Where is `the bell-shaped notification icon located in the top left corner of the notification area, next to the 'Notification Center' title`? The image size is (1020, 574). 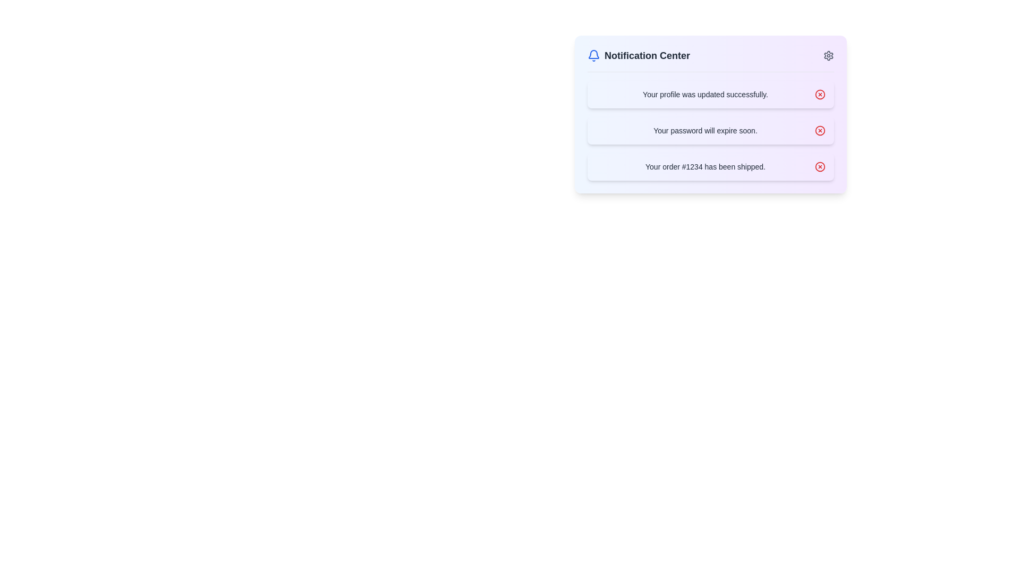
the bell-shaped notification icon located in the top left corner of the notification area, next to the 'Notification Center' title is located at coordinates (593, 54).